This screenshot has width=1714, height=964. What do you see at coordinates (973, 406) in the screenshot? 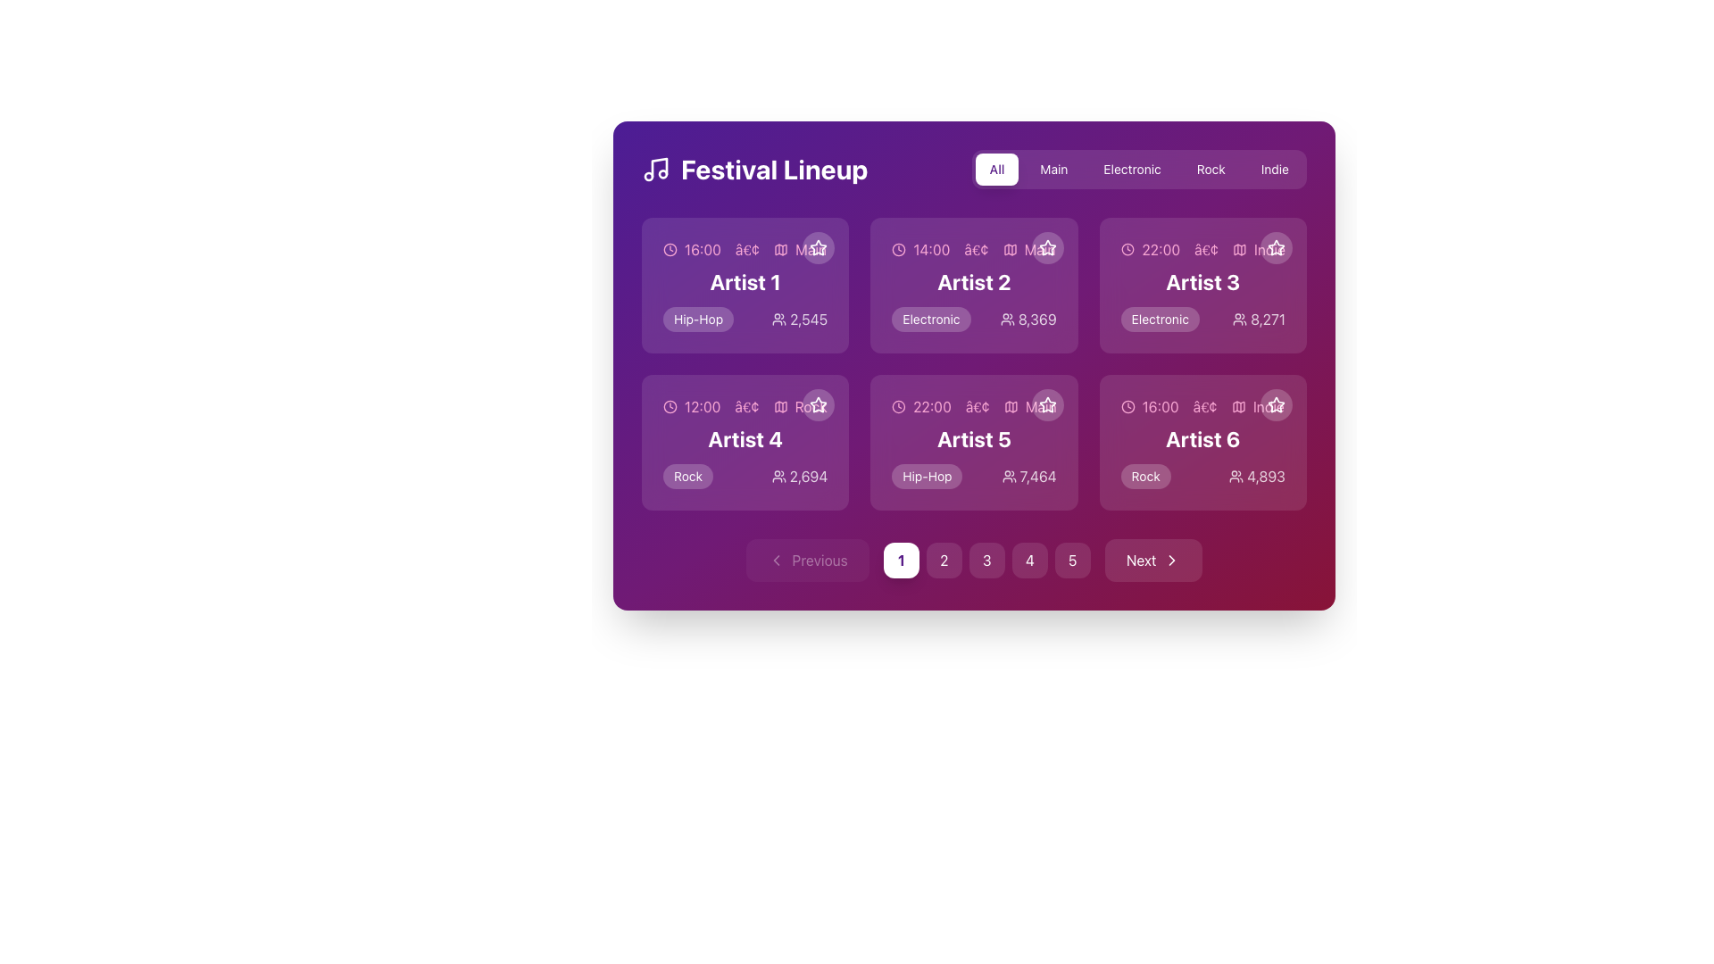
I see `text '22:00' and observe the icons (clock and map) in the Informational label with icons, which is part of the 'Artist 5' block` at bounding box center [973, 406].